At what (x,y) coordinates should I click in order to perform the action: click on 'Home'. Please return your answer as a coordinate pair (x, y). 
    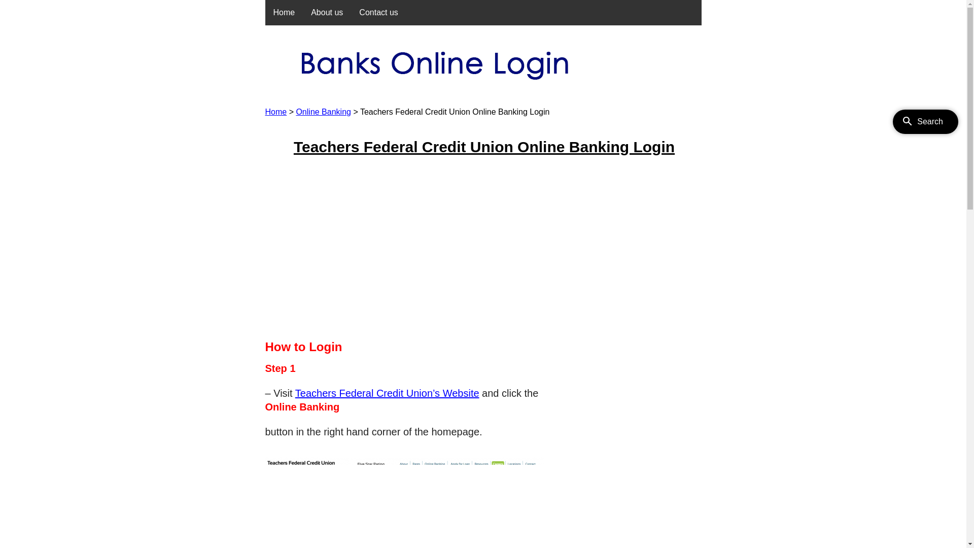
    Looking at the image, I should click on (275, 112).